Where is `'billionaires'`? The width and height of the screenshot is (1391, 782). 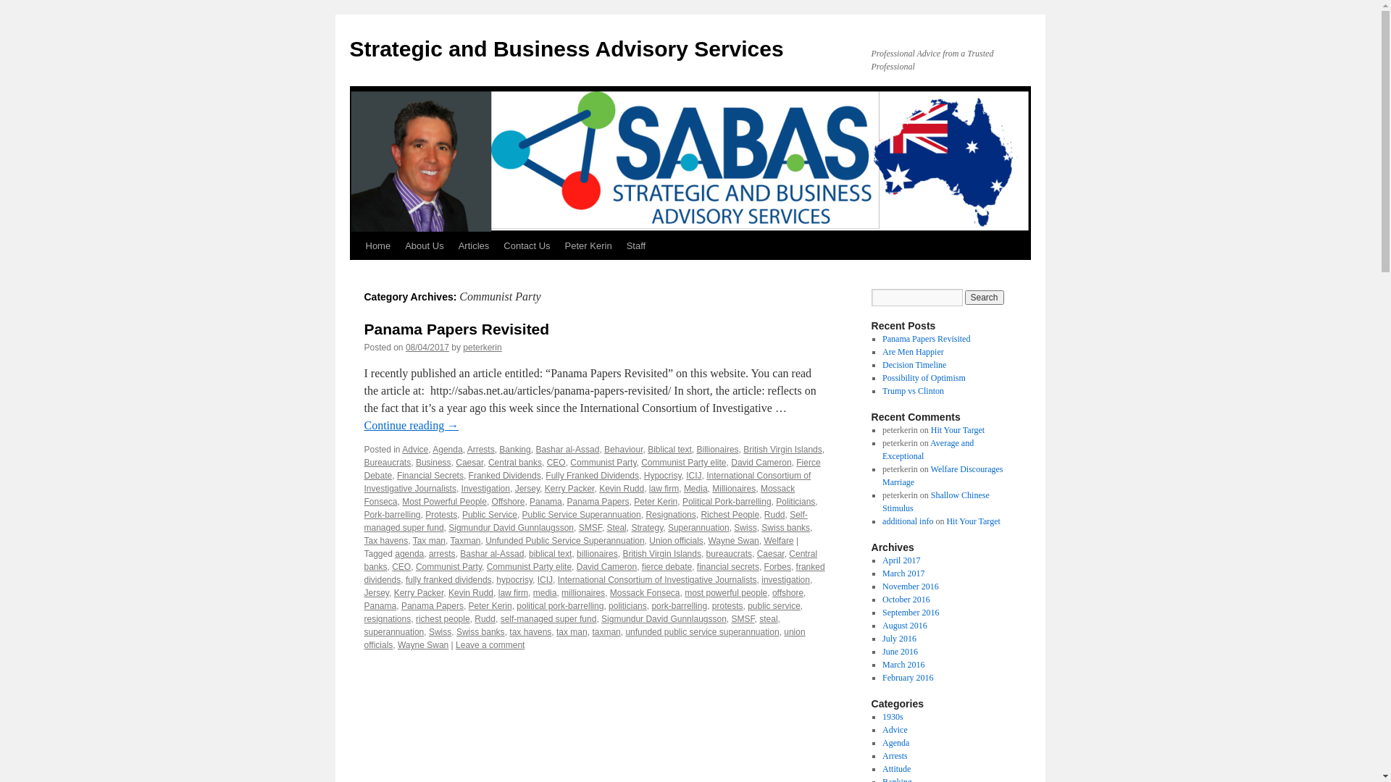
'billionaires' is located at coordinates (597, 553).